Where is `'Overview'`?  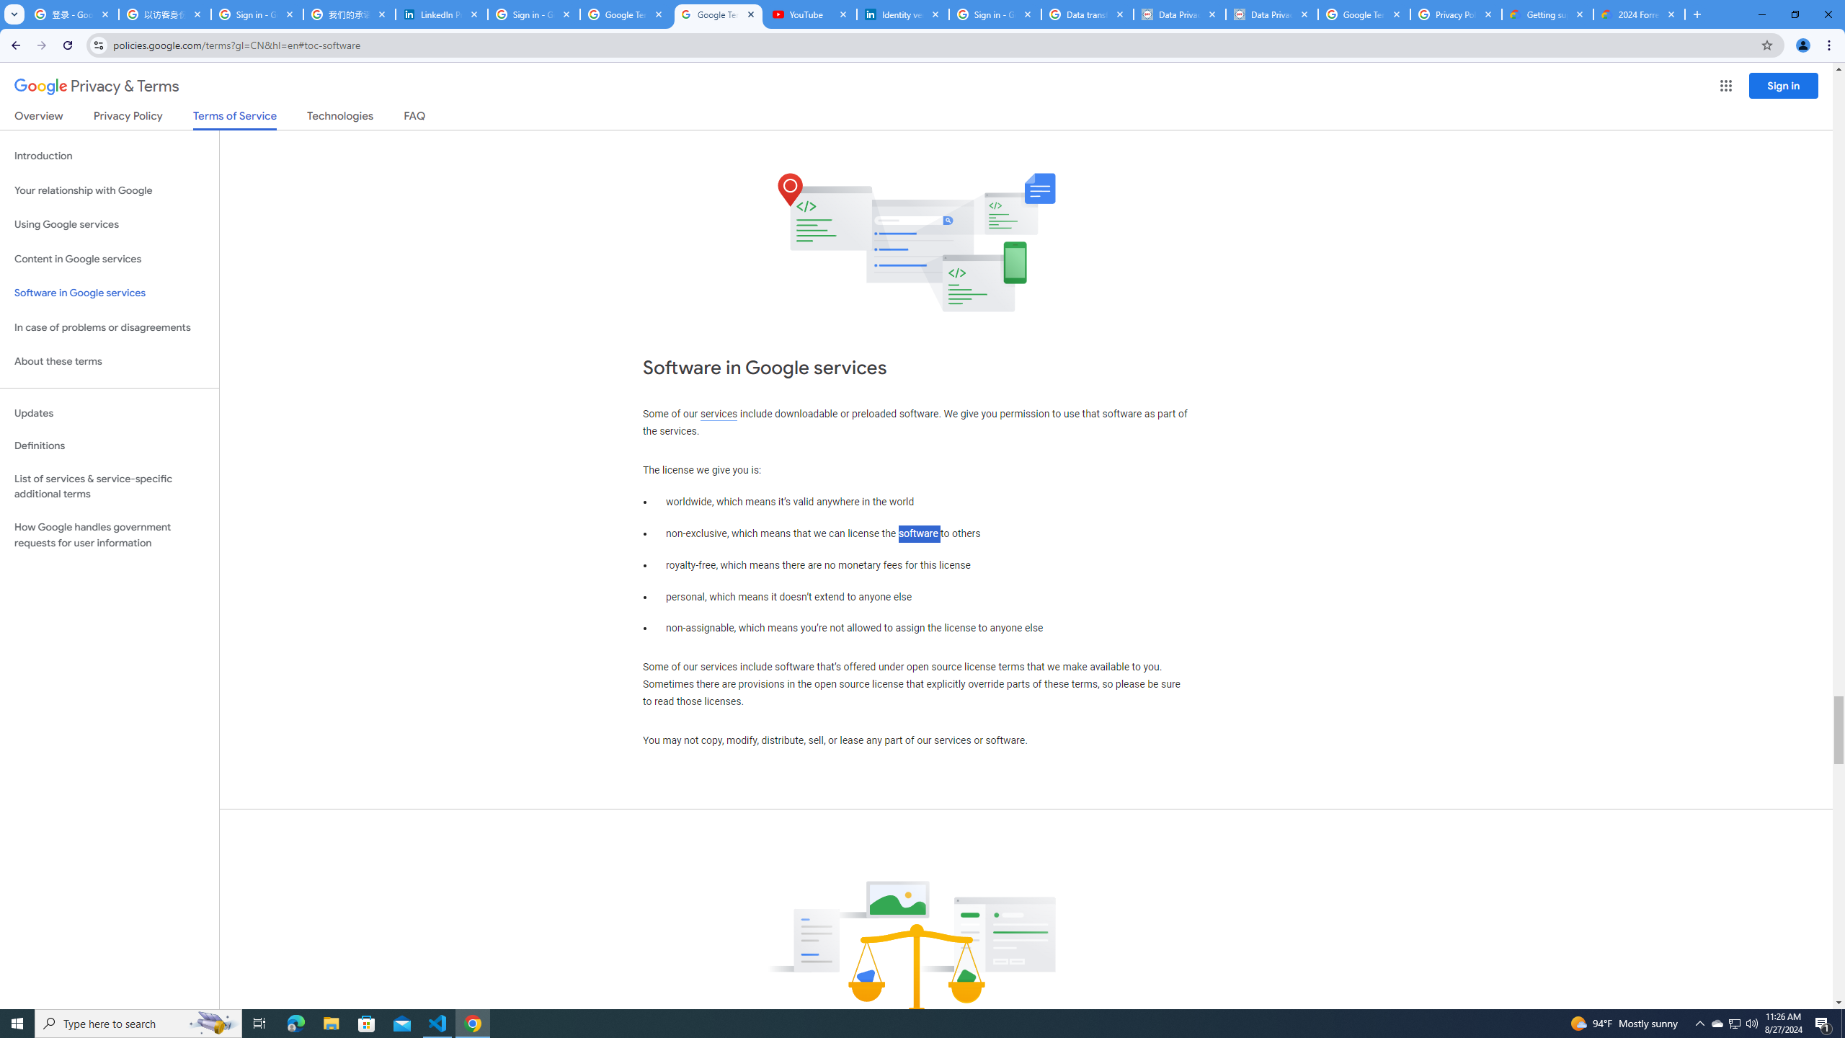 'Overview' is located at coordinates (37, 118).